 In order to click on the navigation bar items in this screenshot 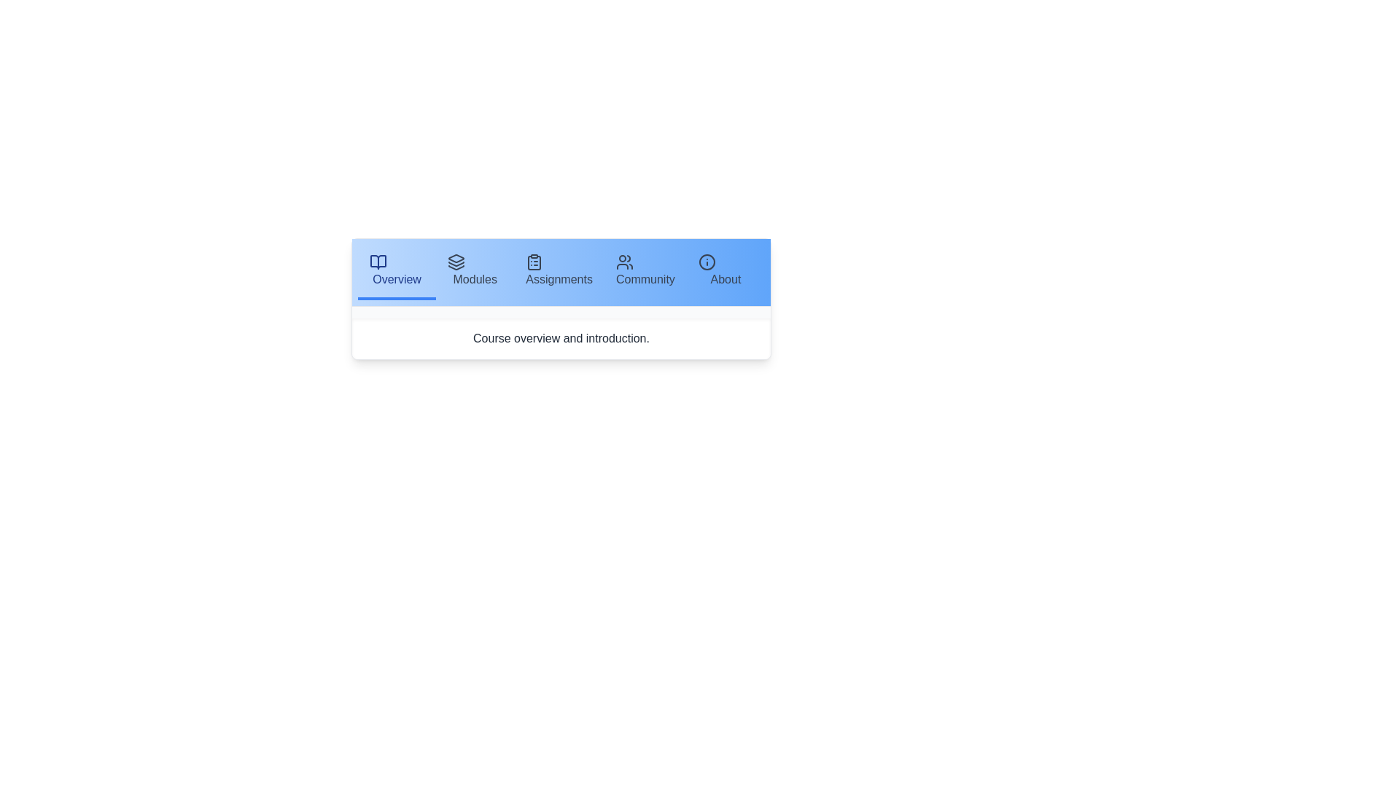, I will do `click(560, 273)`.